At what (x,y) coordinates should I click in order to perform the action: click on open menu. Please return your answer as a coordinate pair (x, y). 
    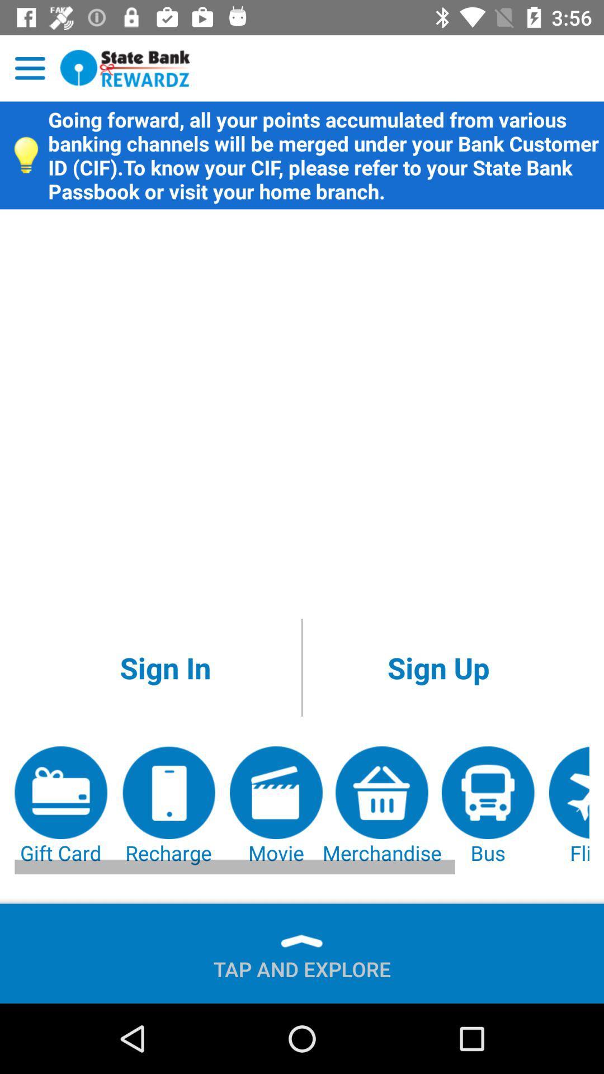
    Looking at the image, I should click on (30, 68).